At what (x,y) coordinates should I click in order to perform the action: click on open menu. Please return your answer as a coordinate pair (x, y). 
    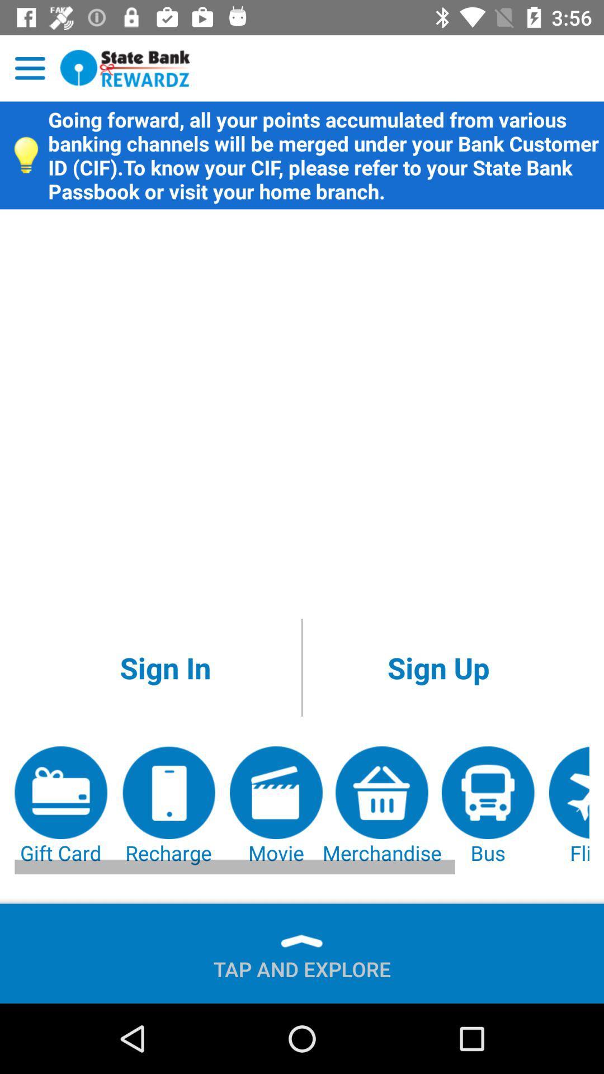
    Looking at the image, I should click on (30, 68).